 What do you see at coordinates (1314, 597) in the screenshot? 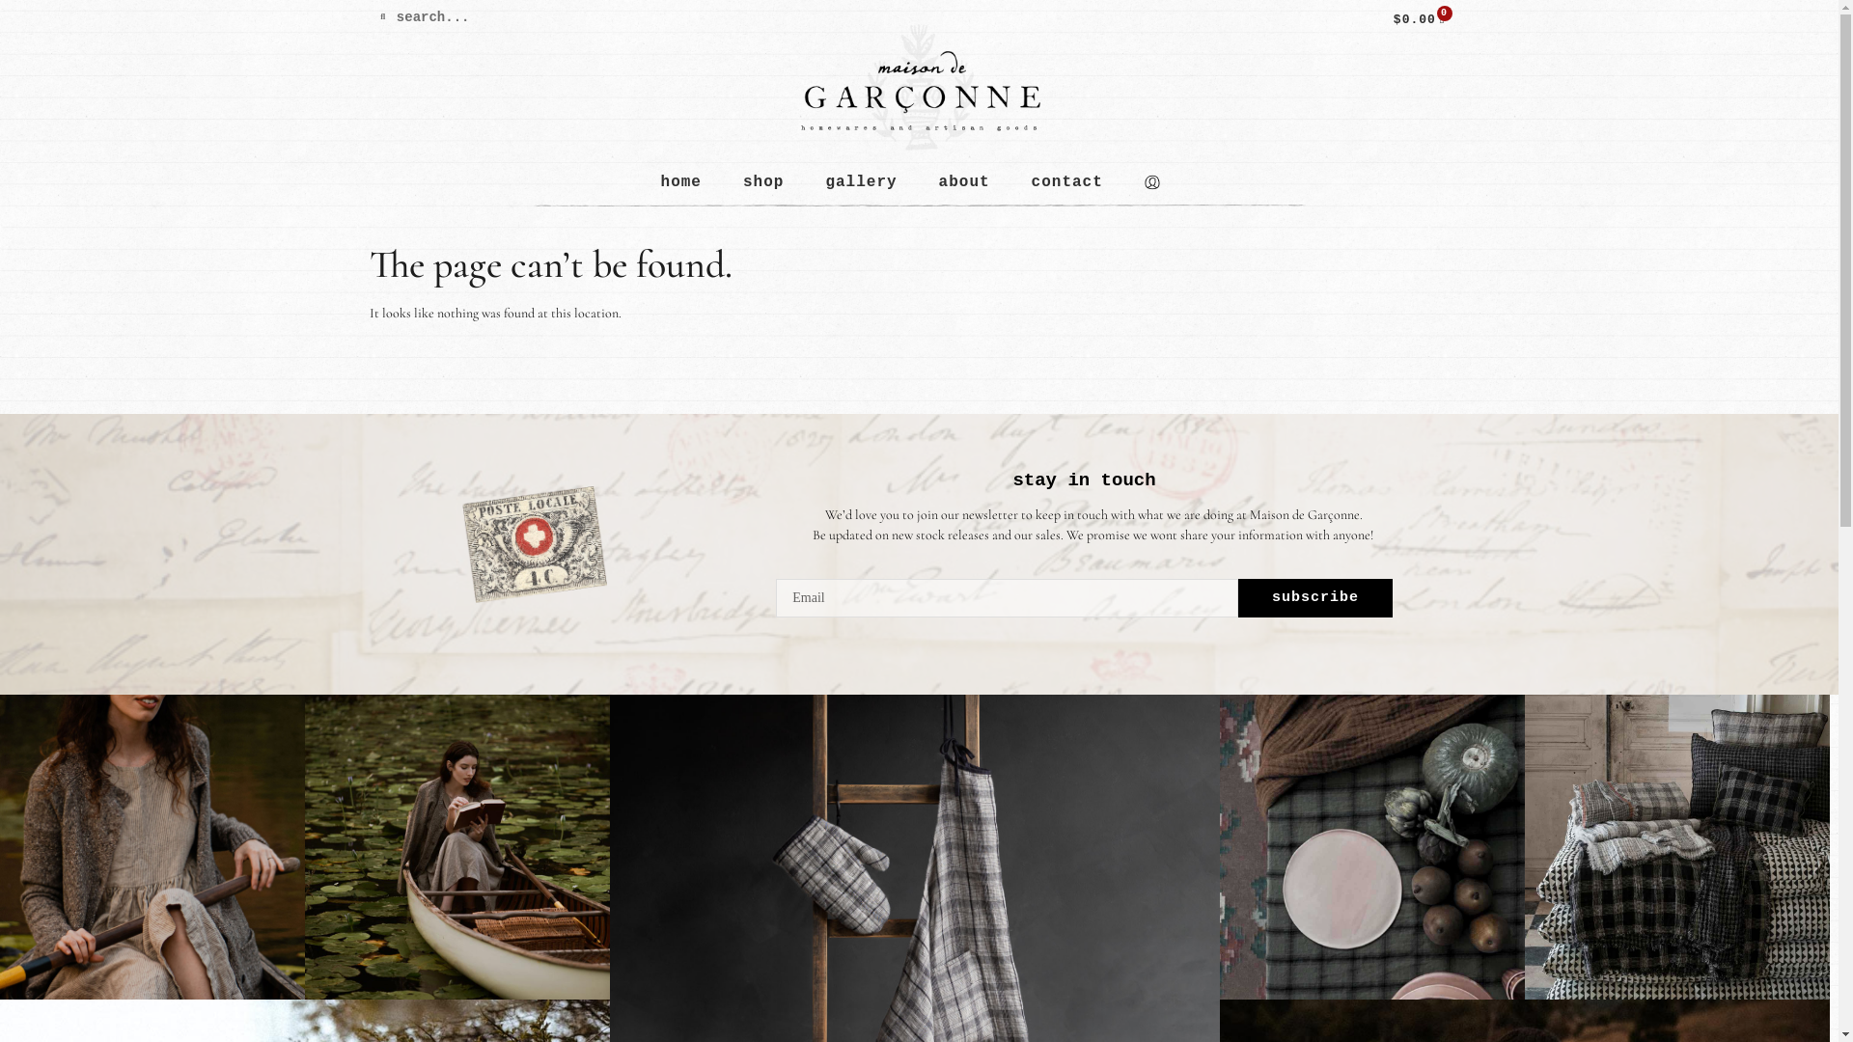
I see `'subscribe'` at bounding box center [1314, 597].